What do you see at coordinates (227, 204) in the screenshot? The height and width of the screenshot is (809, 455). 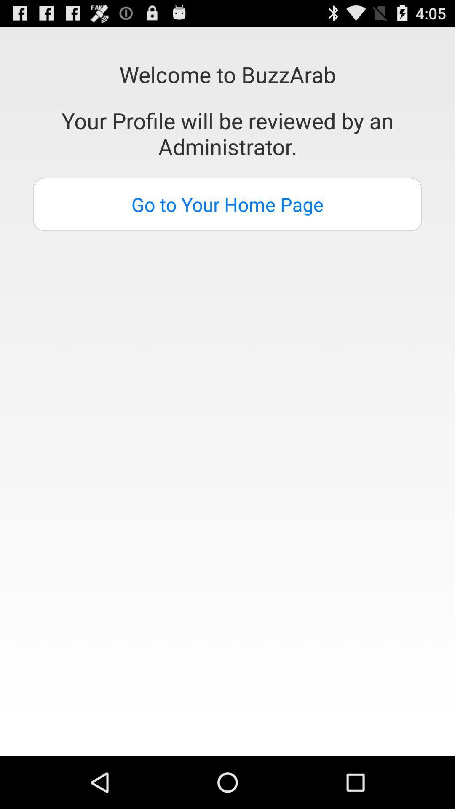 I see `app below the your profile will app` at bounding box center [227, 204].